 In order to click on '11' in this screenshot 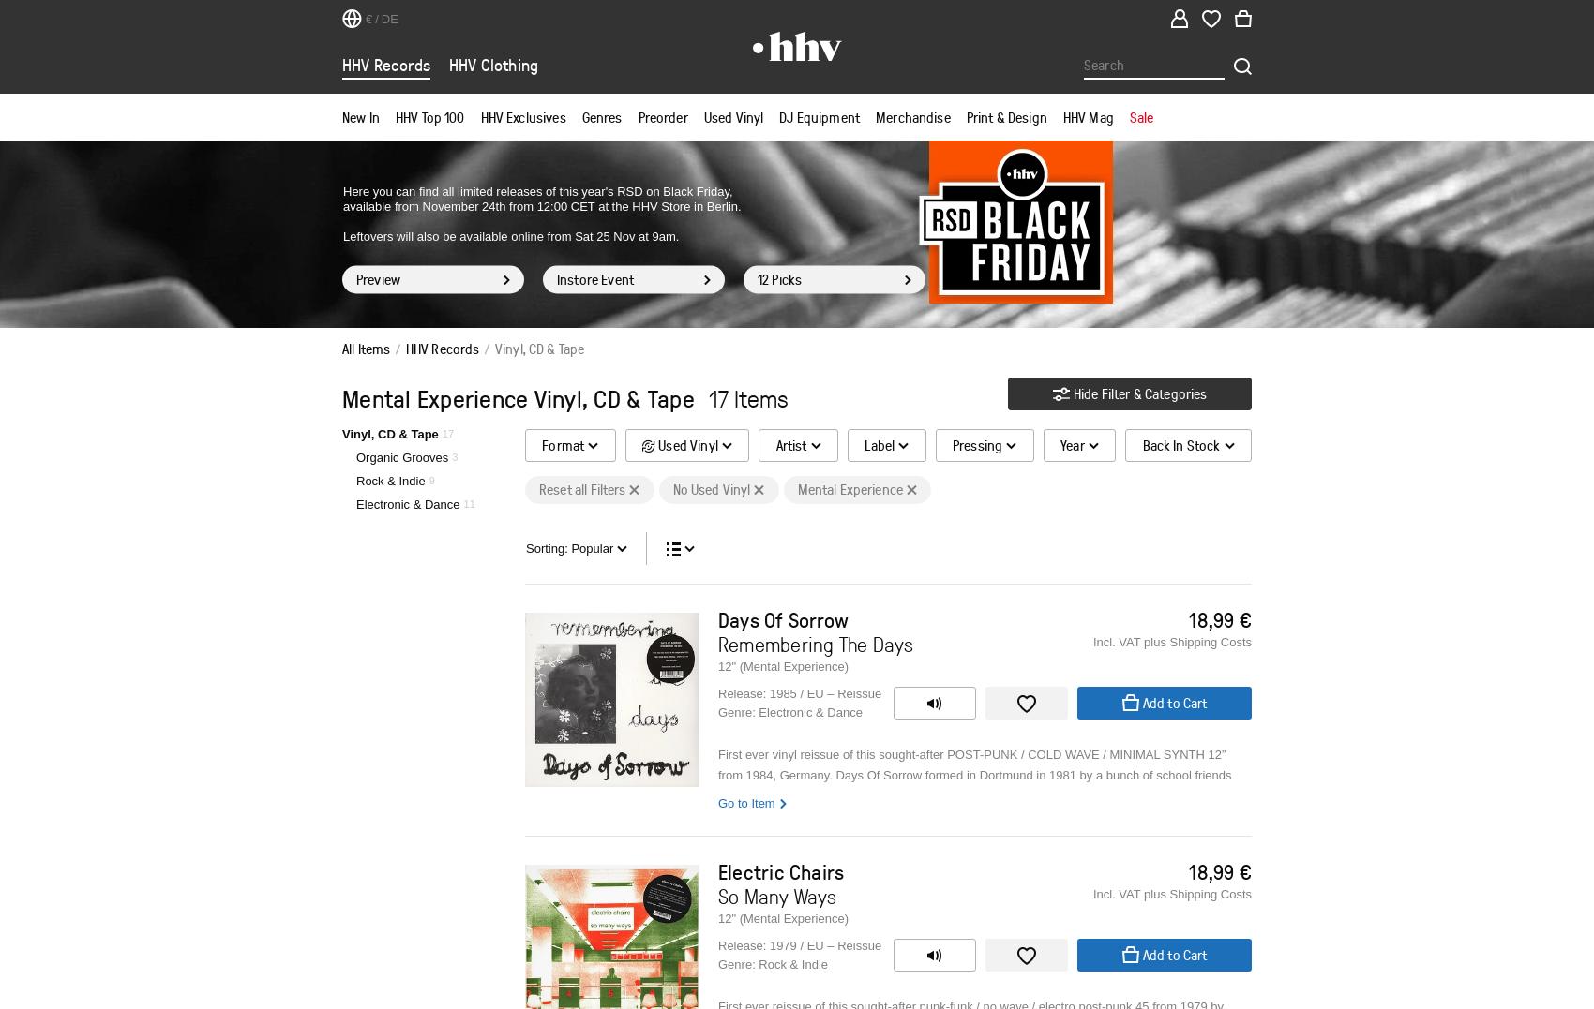, I will do `click(468, 502)`.